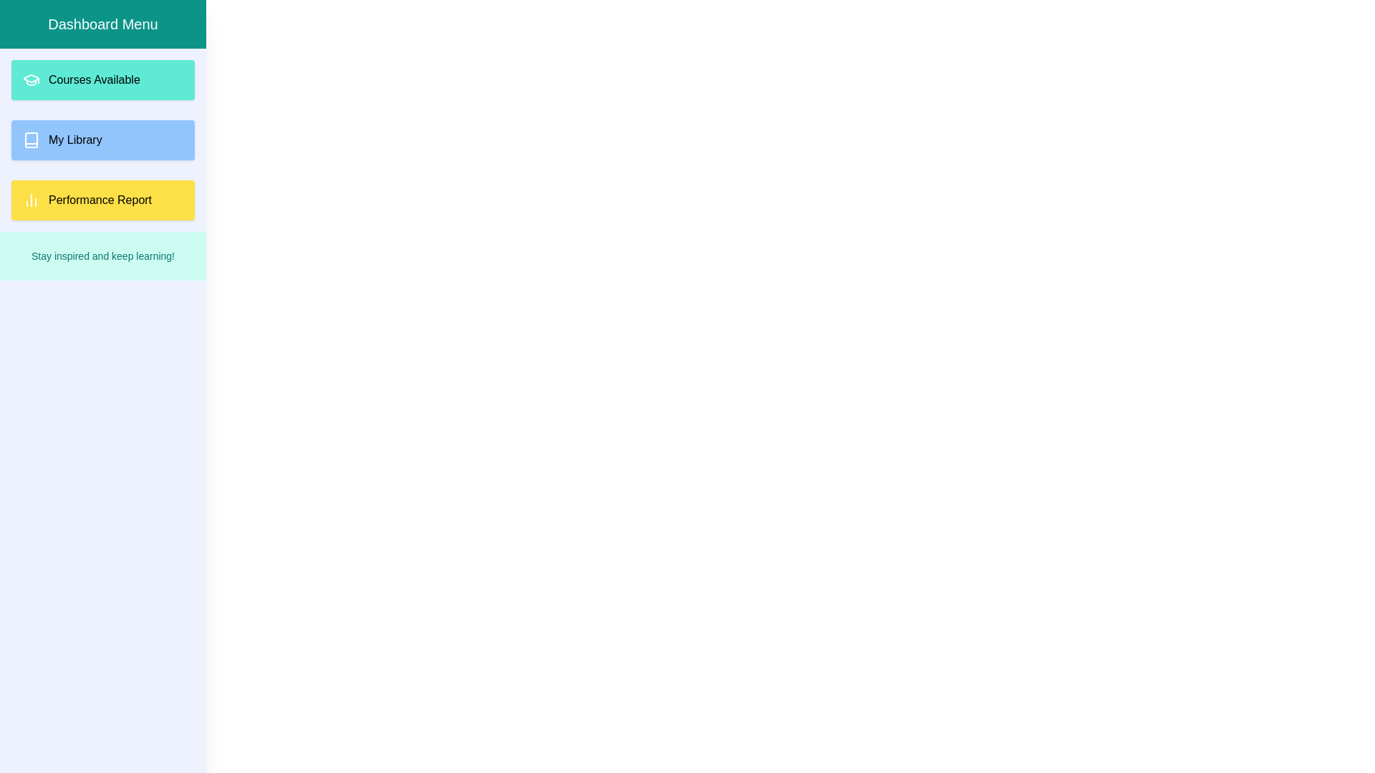 The width and height of the screenshot is (1375, 773). I want to click on toggle button located at the top-left corner to toggle the drawer's open/close state, so click(27, 27).